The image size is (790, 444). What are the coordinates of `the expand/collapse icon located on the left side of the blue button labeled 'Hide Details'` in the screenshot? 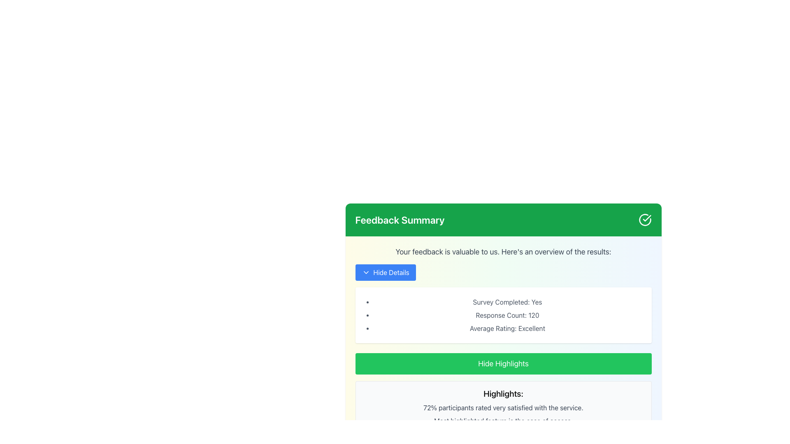 It's located at (365, 273).